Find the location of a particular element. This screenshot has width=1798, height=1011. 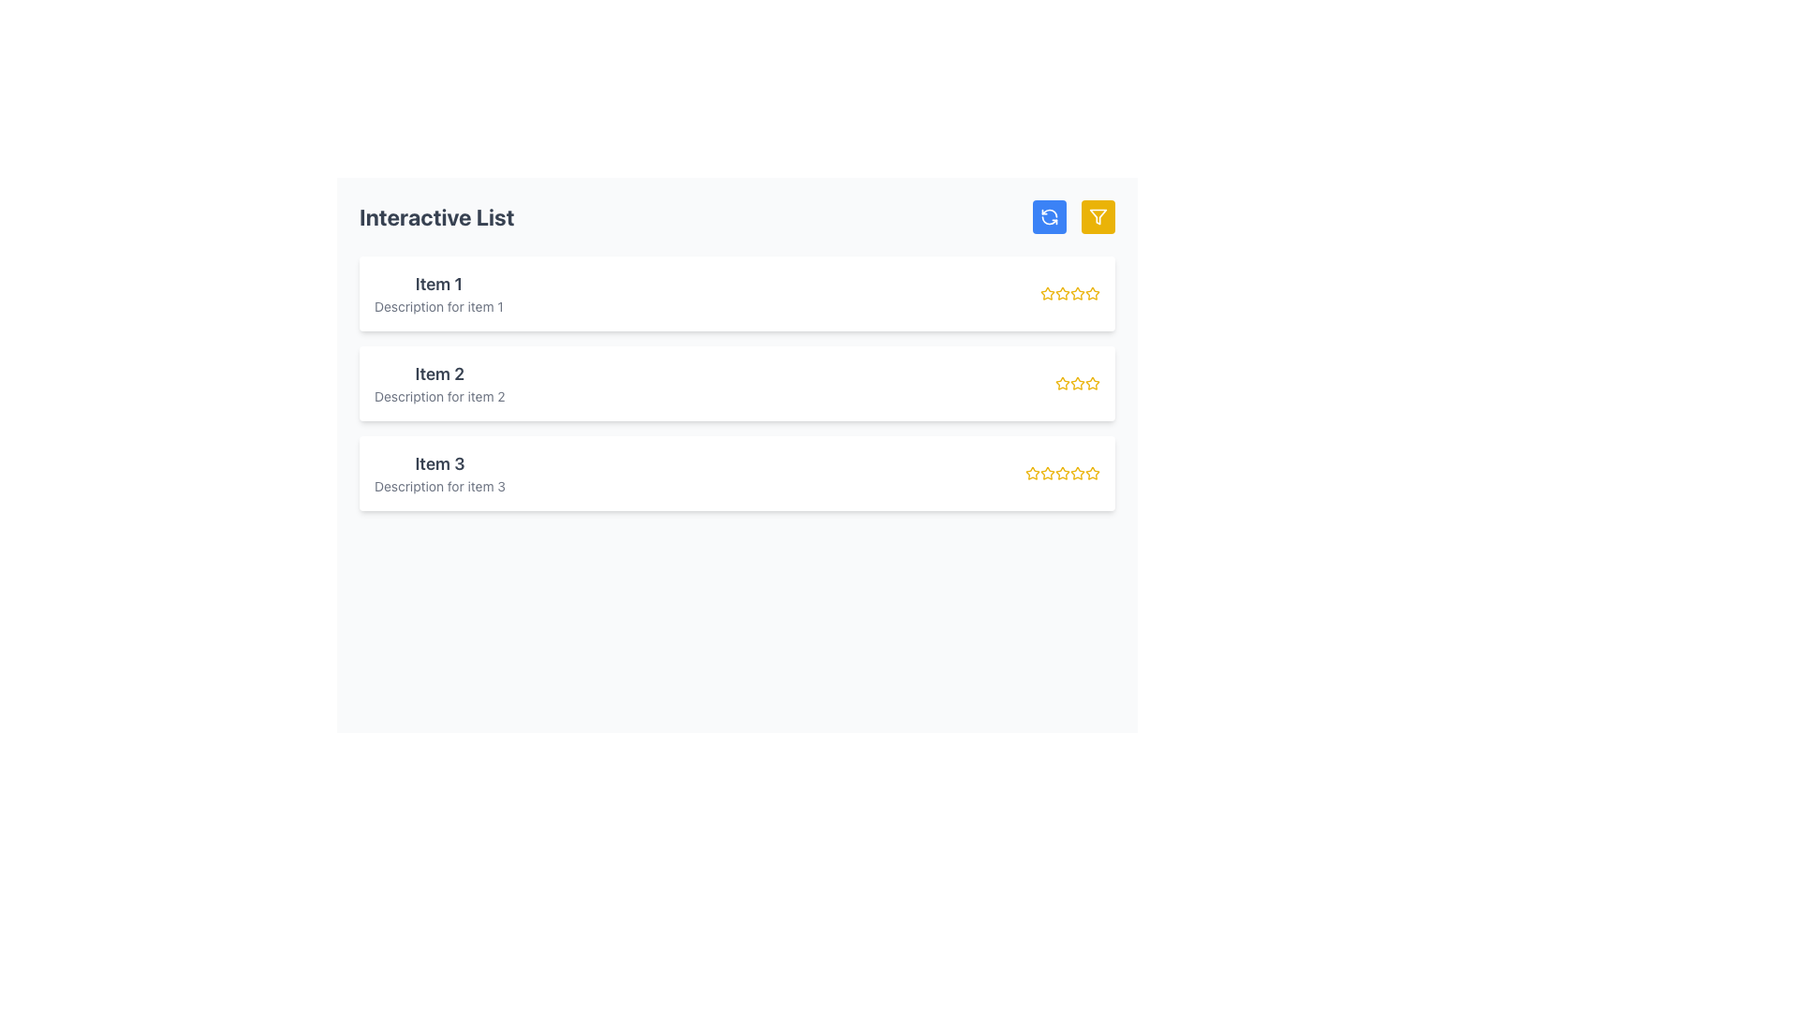

the filter icon represented by a funnel shape within the yellow button located in the upper-right corner of the interface is located at coordinates (1098, 215).